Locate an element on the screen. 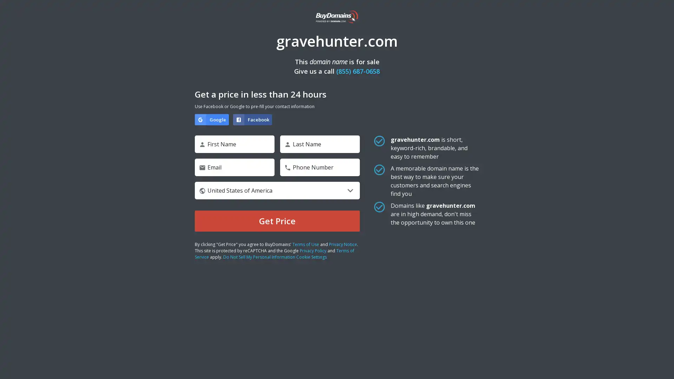 Image resolution: width=674 pixels, height=379 pixels. Cookies Settings is located at coordinates (71, 352).